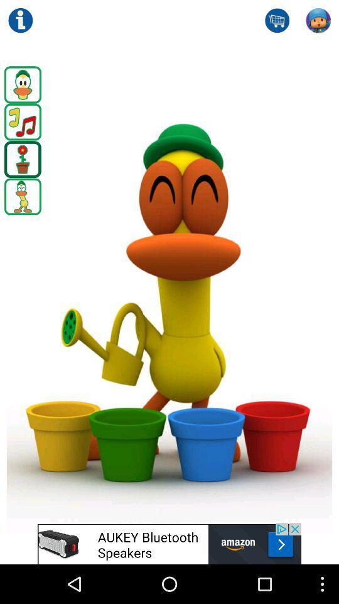 The height and width of the screenshot is (604, 339). Describe the element at coordinates (277, 21) in the screenshot. I see `the cart icon` at that location.